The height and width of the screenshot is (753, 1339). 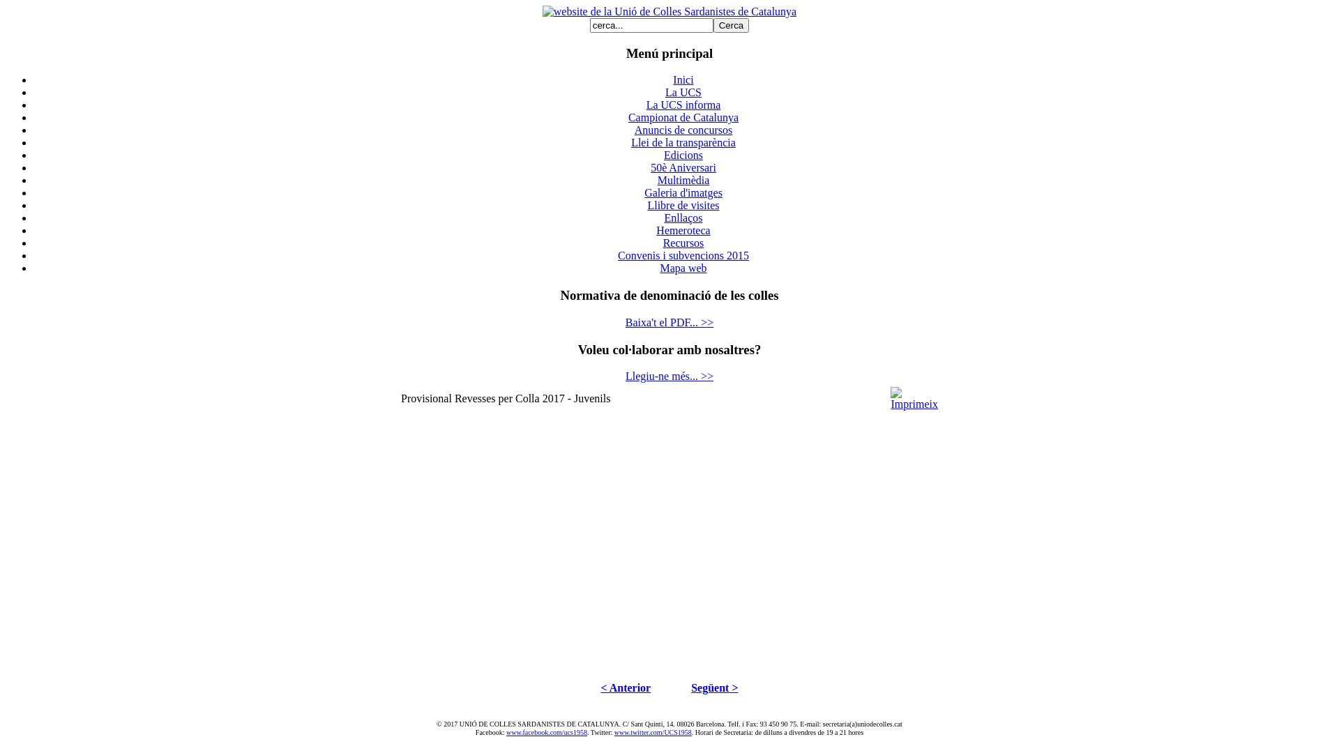 I want to click on 'Imprimeix', so click(x=914, y=404).